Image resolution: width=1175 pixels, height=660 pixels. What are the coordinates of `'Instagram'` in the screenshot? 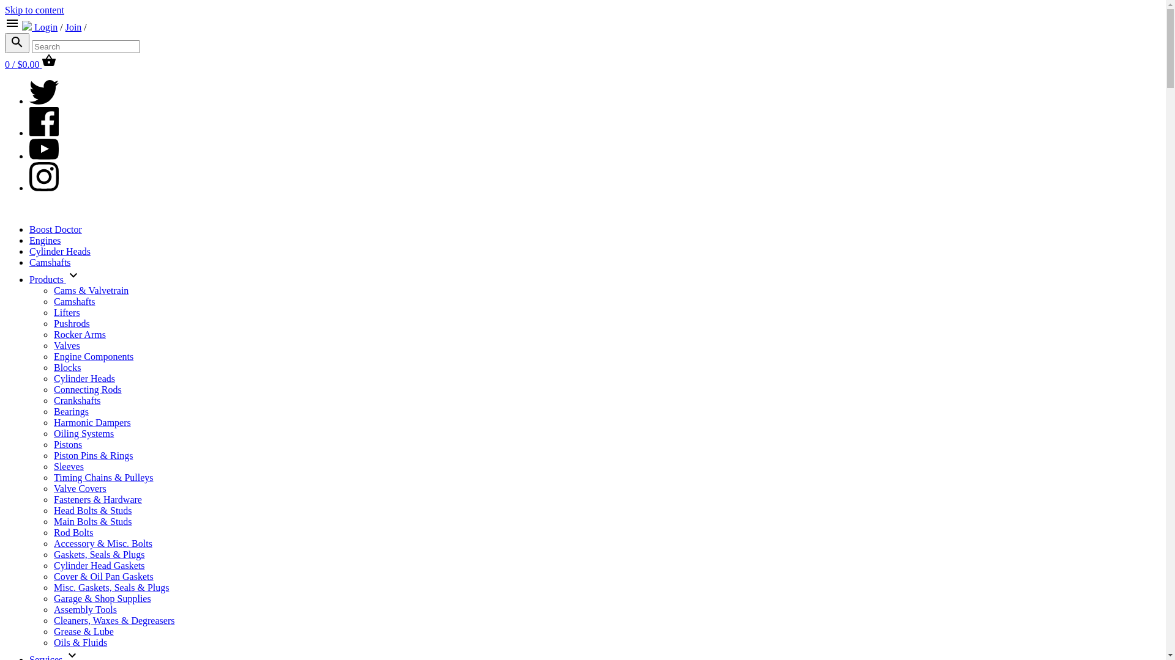 It's located at (29, 188).